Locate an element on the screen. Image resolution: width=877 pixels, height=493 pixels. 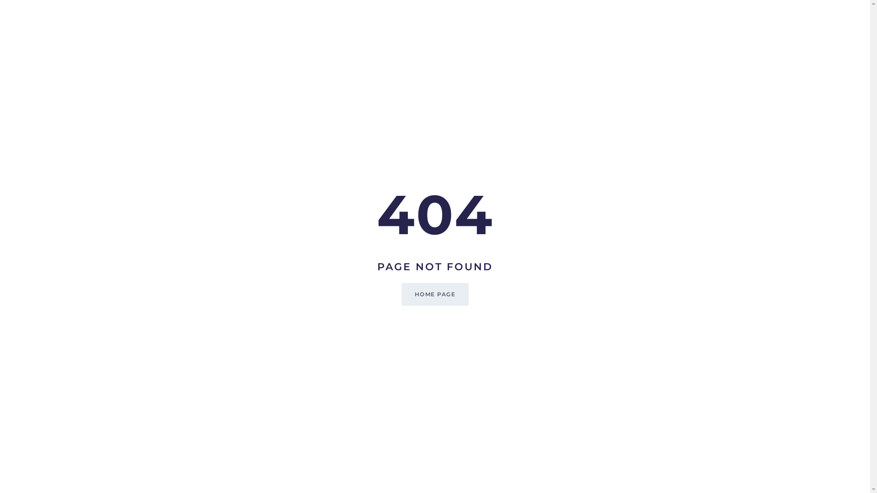
'HOME PAGE' is located at coordinates (435, 294).